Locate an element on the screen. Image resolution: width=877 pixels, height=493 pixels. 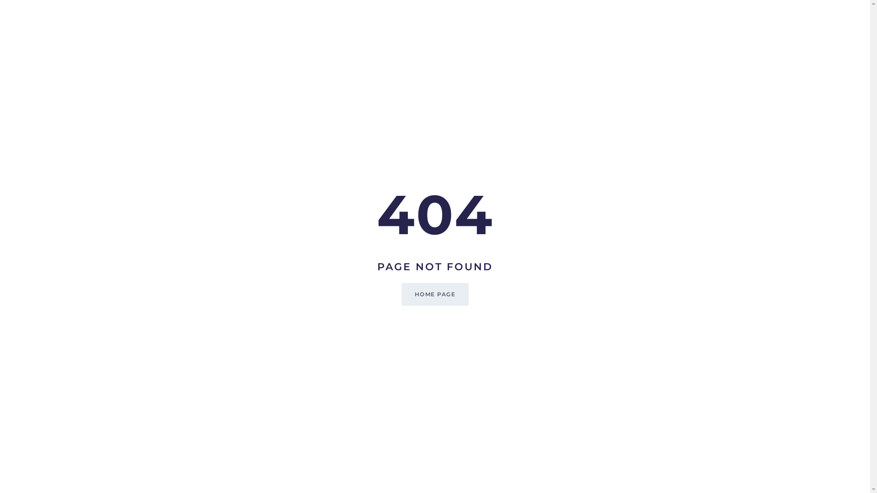
'HOME PAGE' is located at coordinates (435, 294).